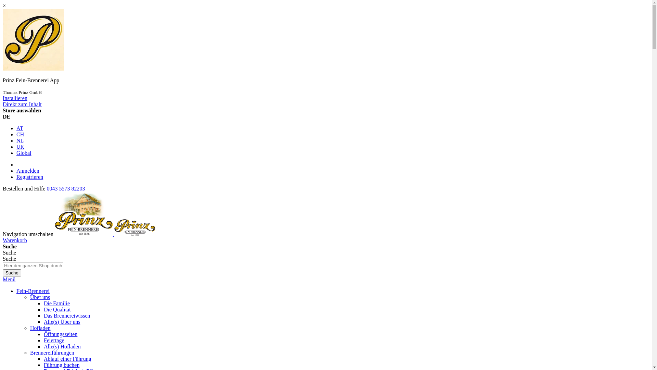  I want to click on 'Hofladen', so click(40, 328).